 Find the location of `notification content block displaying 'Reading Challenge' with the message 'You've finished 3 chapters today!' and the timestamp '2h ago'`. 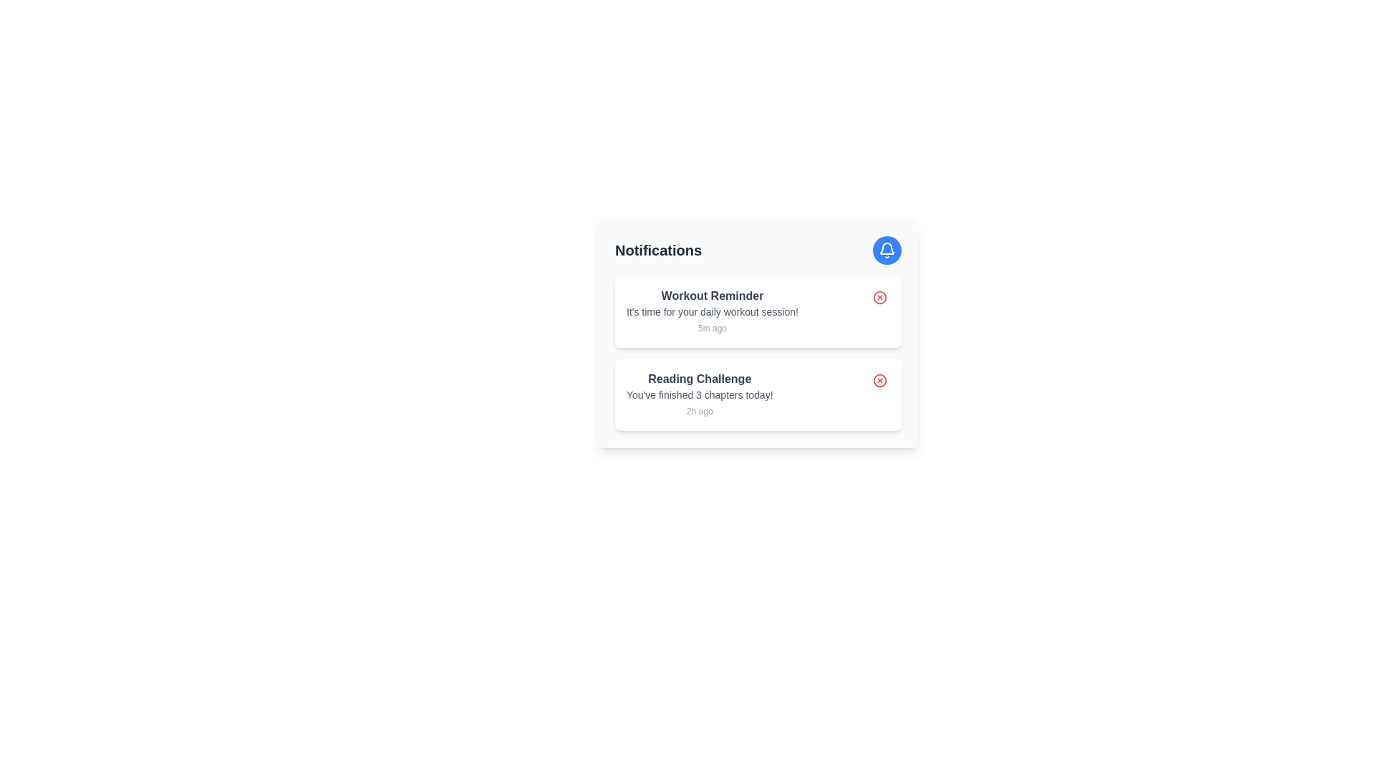

notification content block displaying 'Reading Challenge' with the message 'You've finished 3 chapters today!' and the timestamp '2h ago' is located at coordinates (700, 394).